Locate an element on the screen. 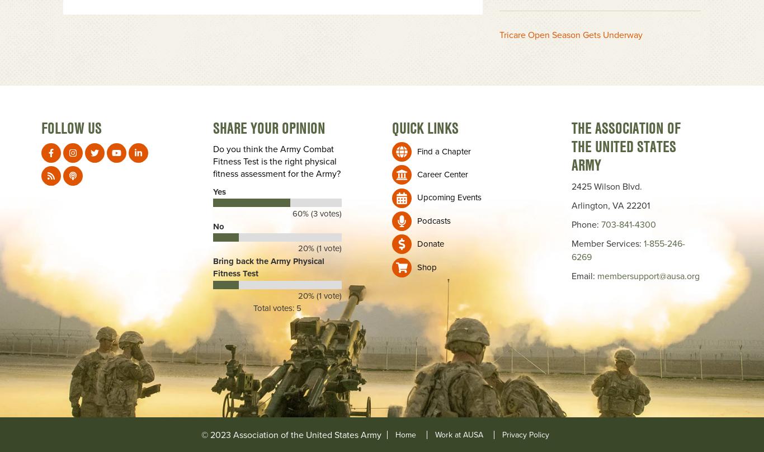 The image size is (764, 452). 'Email:' is located at coordinates (583, 275).